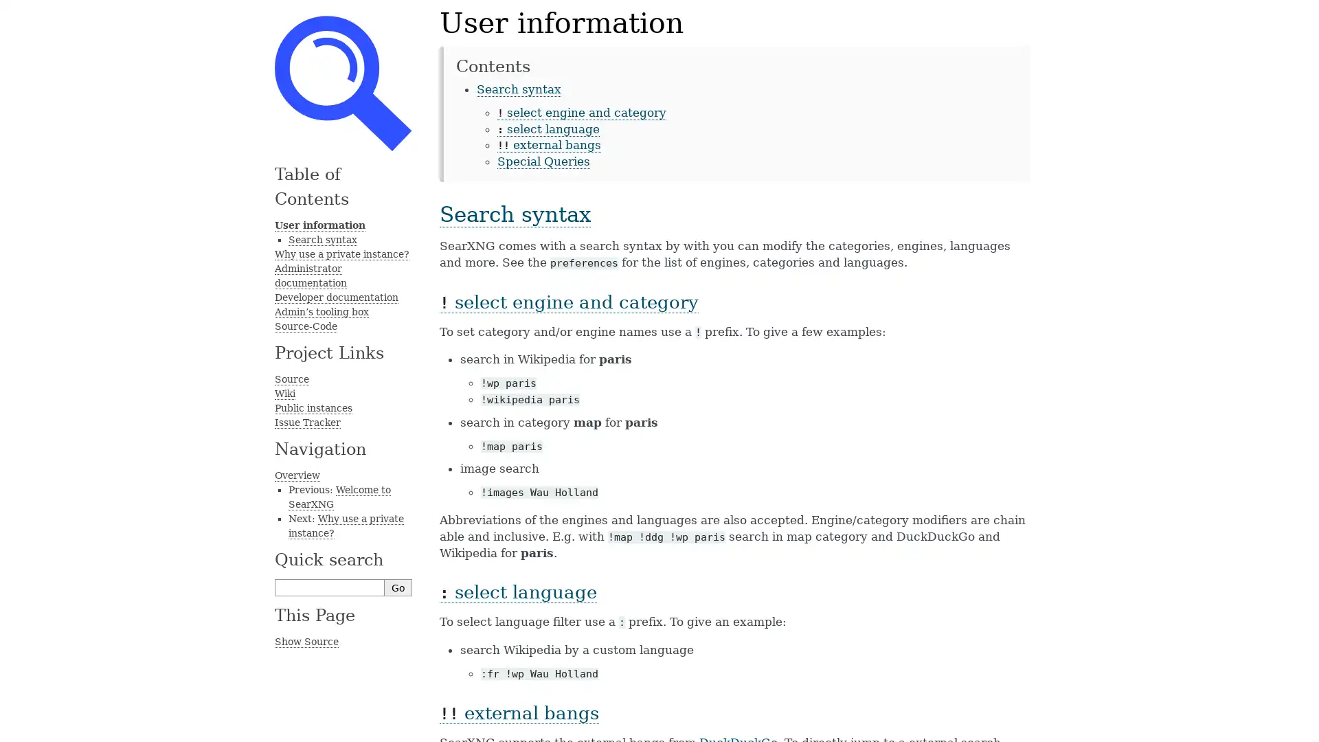  I want to click on Go, so click(398, 587).